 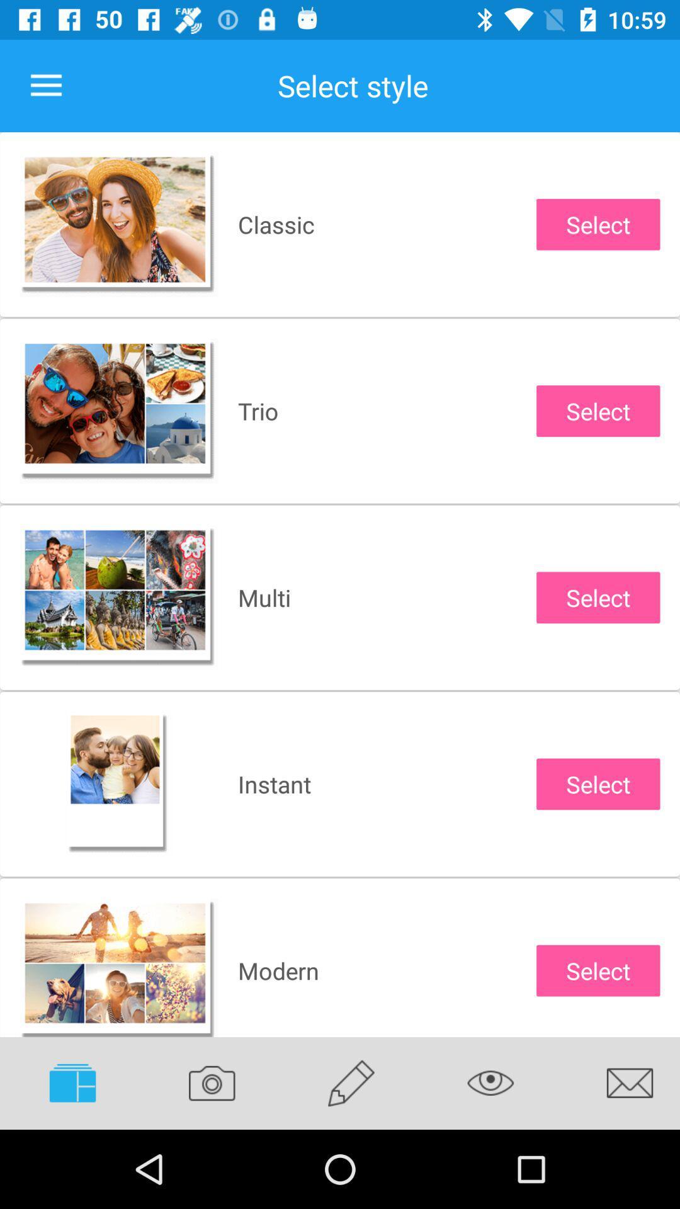 What do you see at coordinates (351, 1082) in the screenshot?
I see `icon below modern` at bounding box center [351, 1082].